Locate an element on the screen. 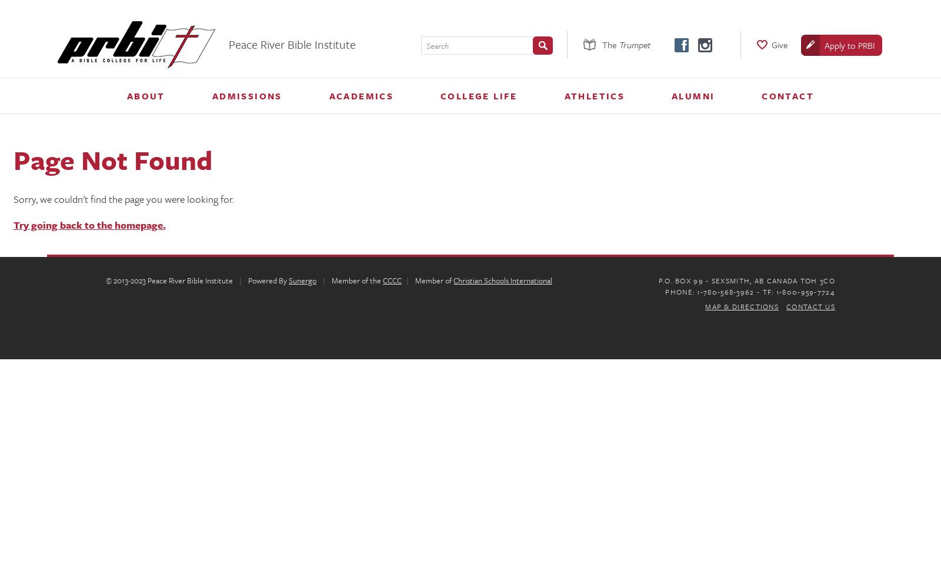  'Search' is located at coordinates (438, 45).